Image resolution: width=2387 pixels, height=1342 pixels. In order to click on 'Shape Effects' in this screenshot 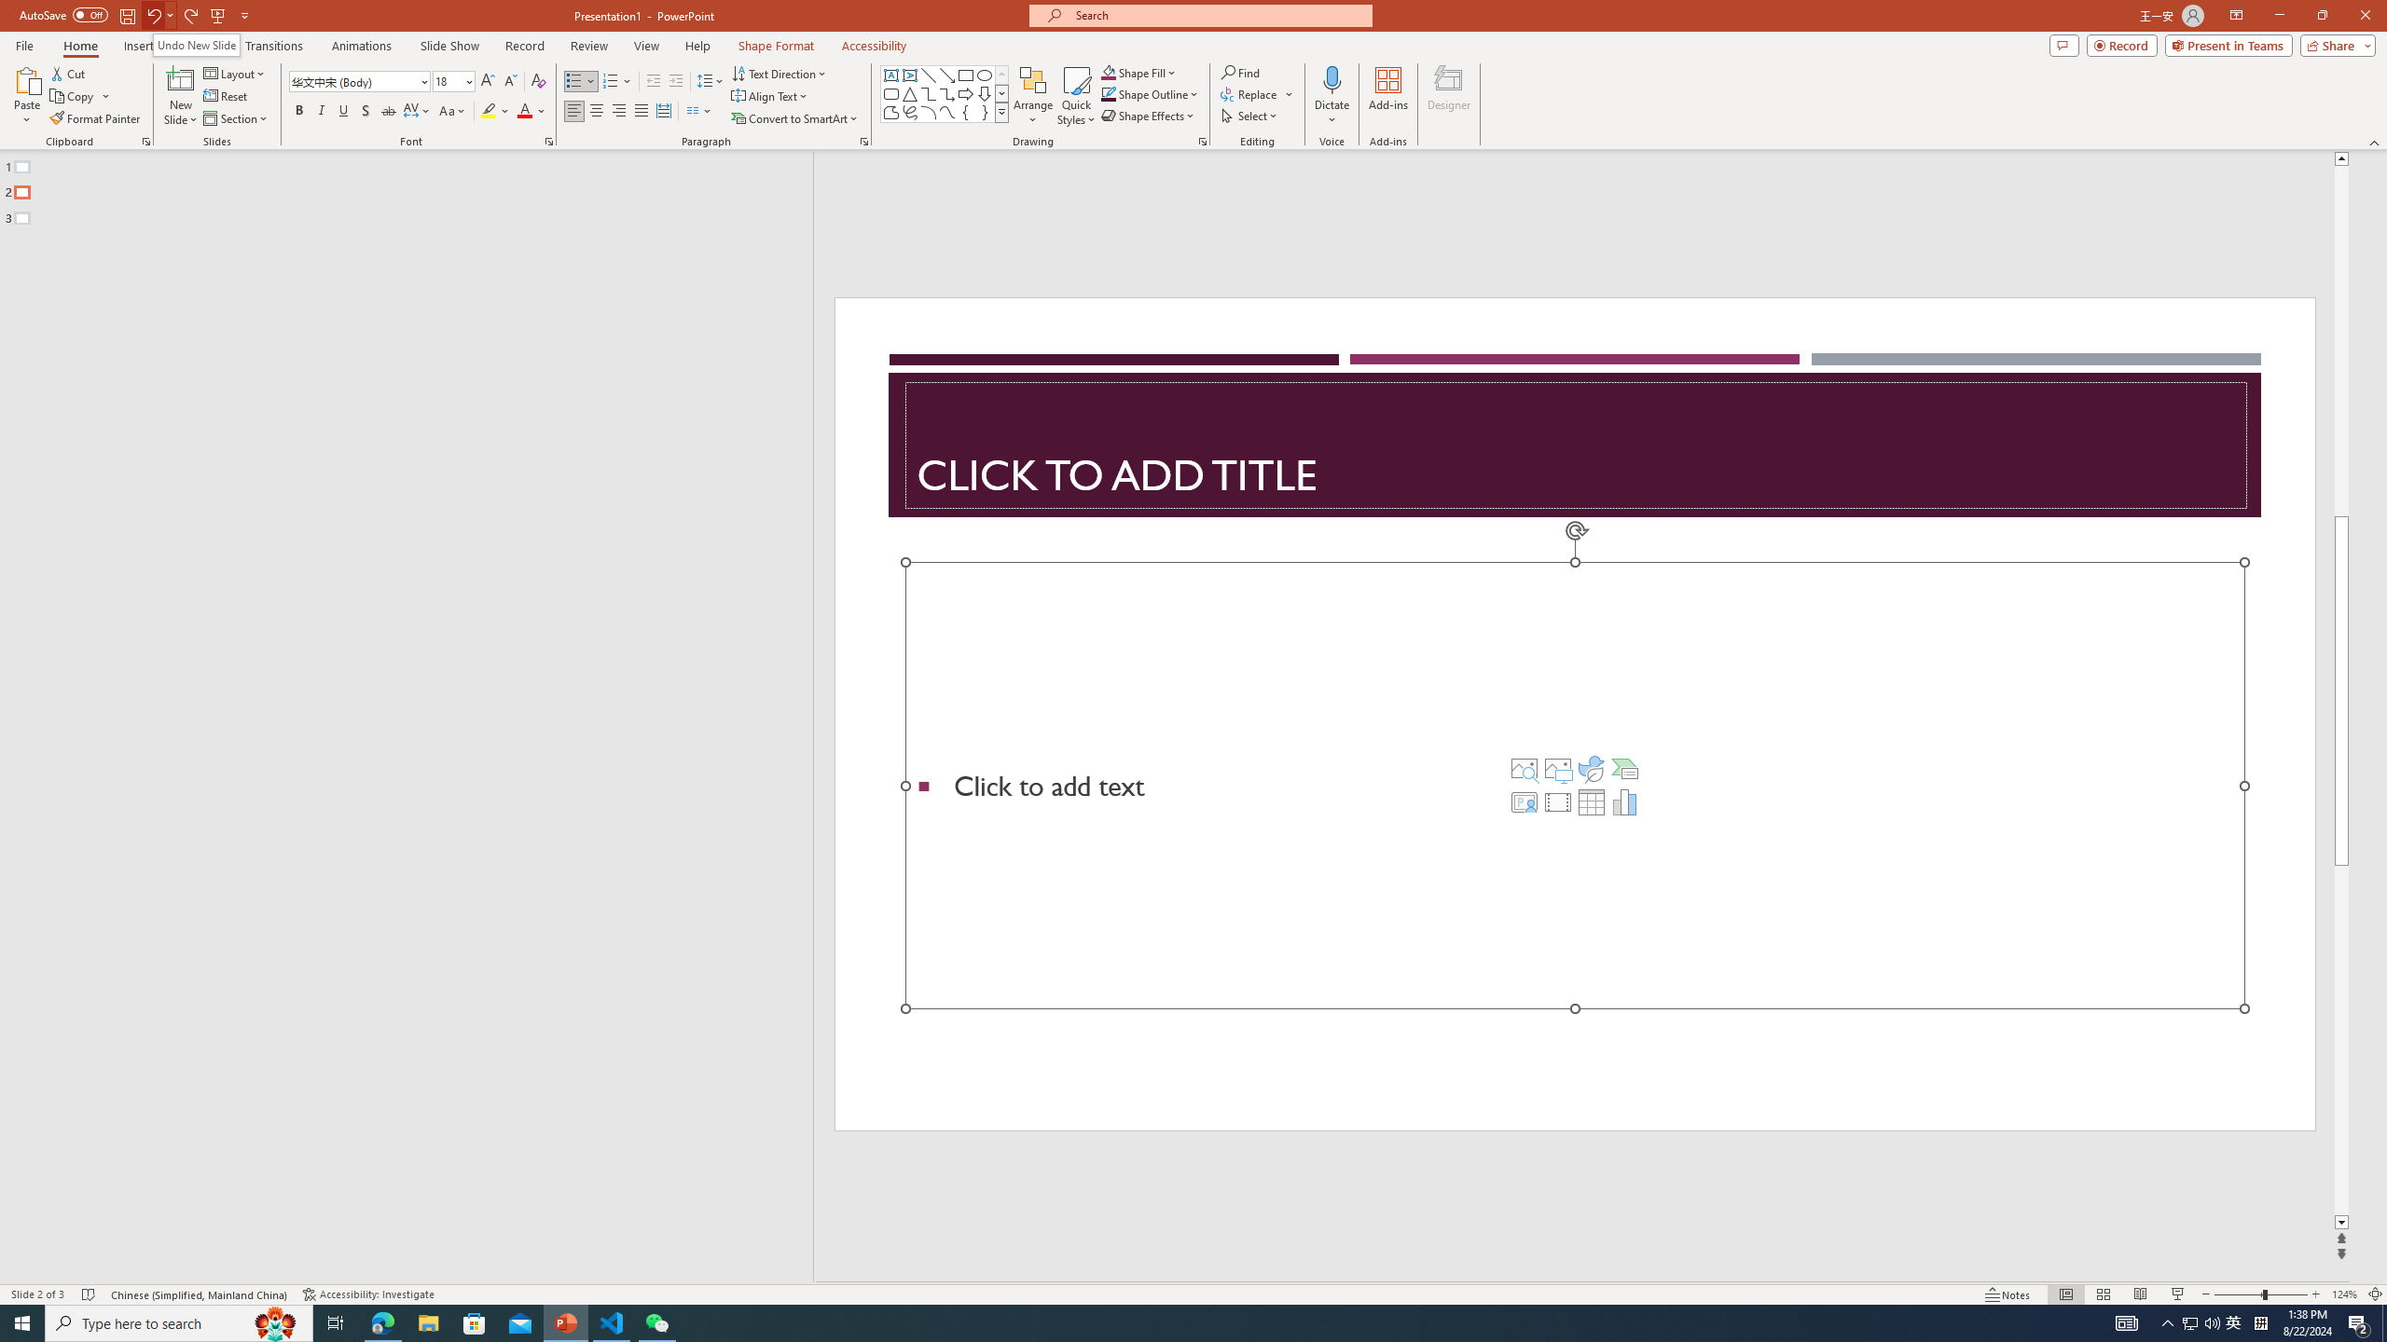, I will do `click(1148, 114)`.